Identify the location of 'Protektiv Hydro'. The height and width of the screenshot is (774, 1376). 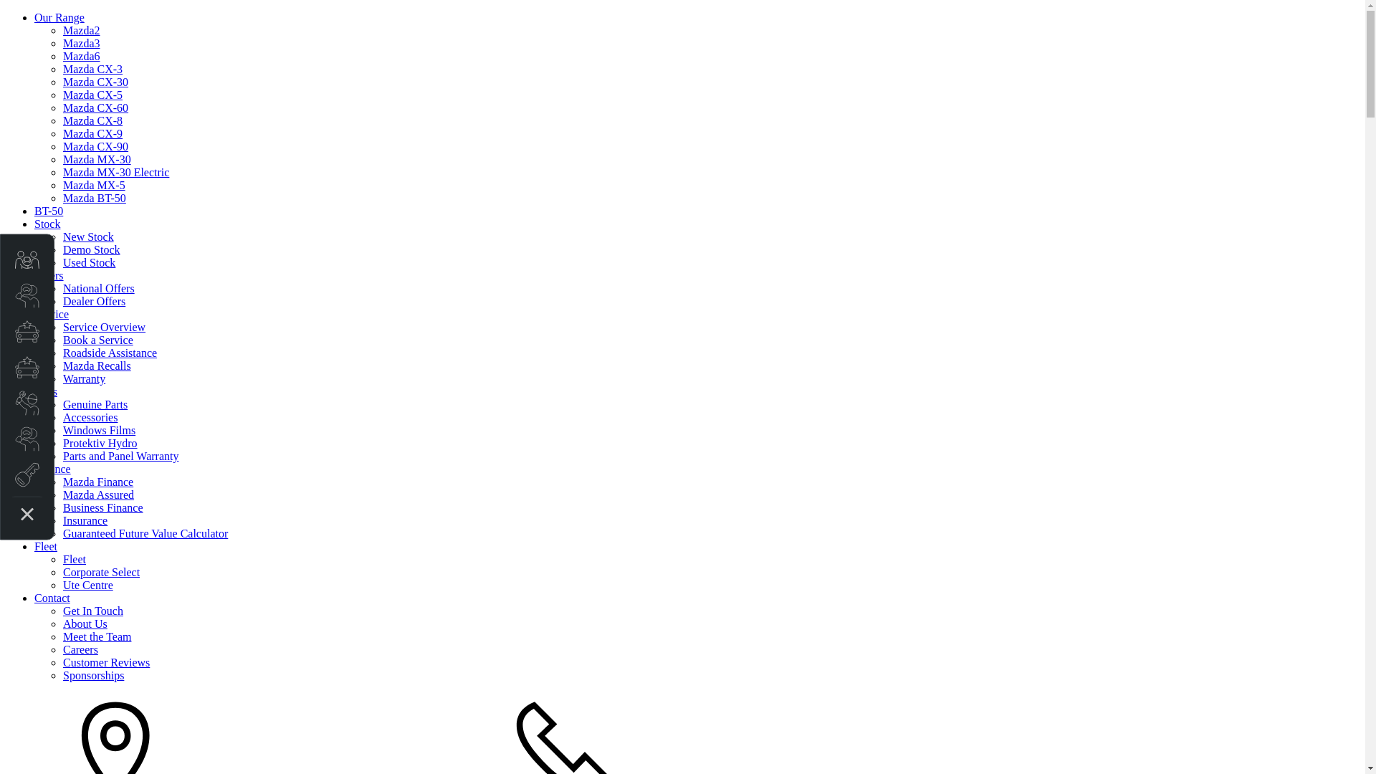
(99, 442).